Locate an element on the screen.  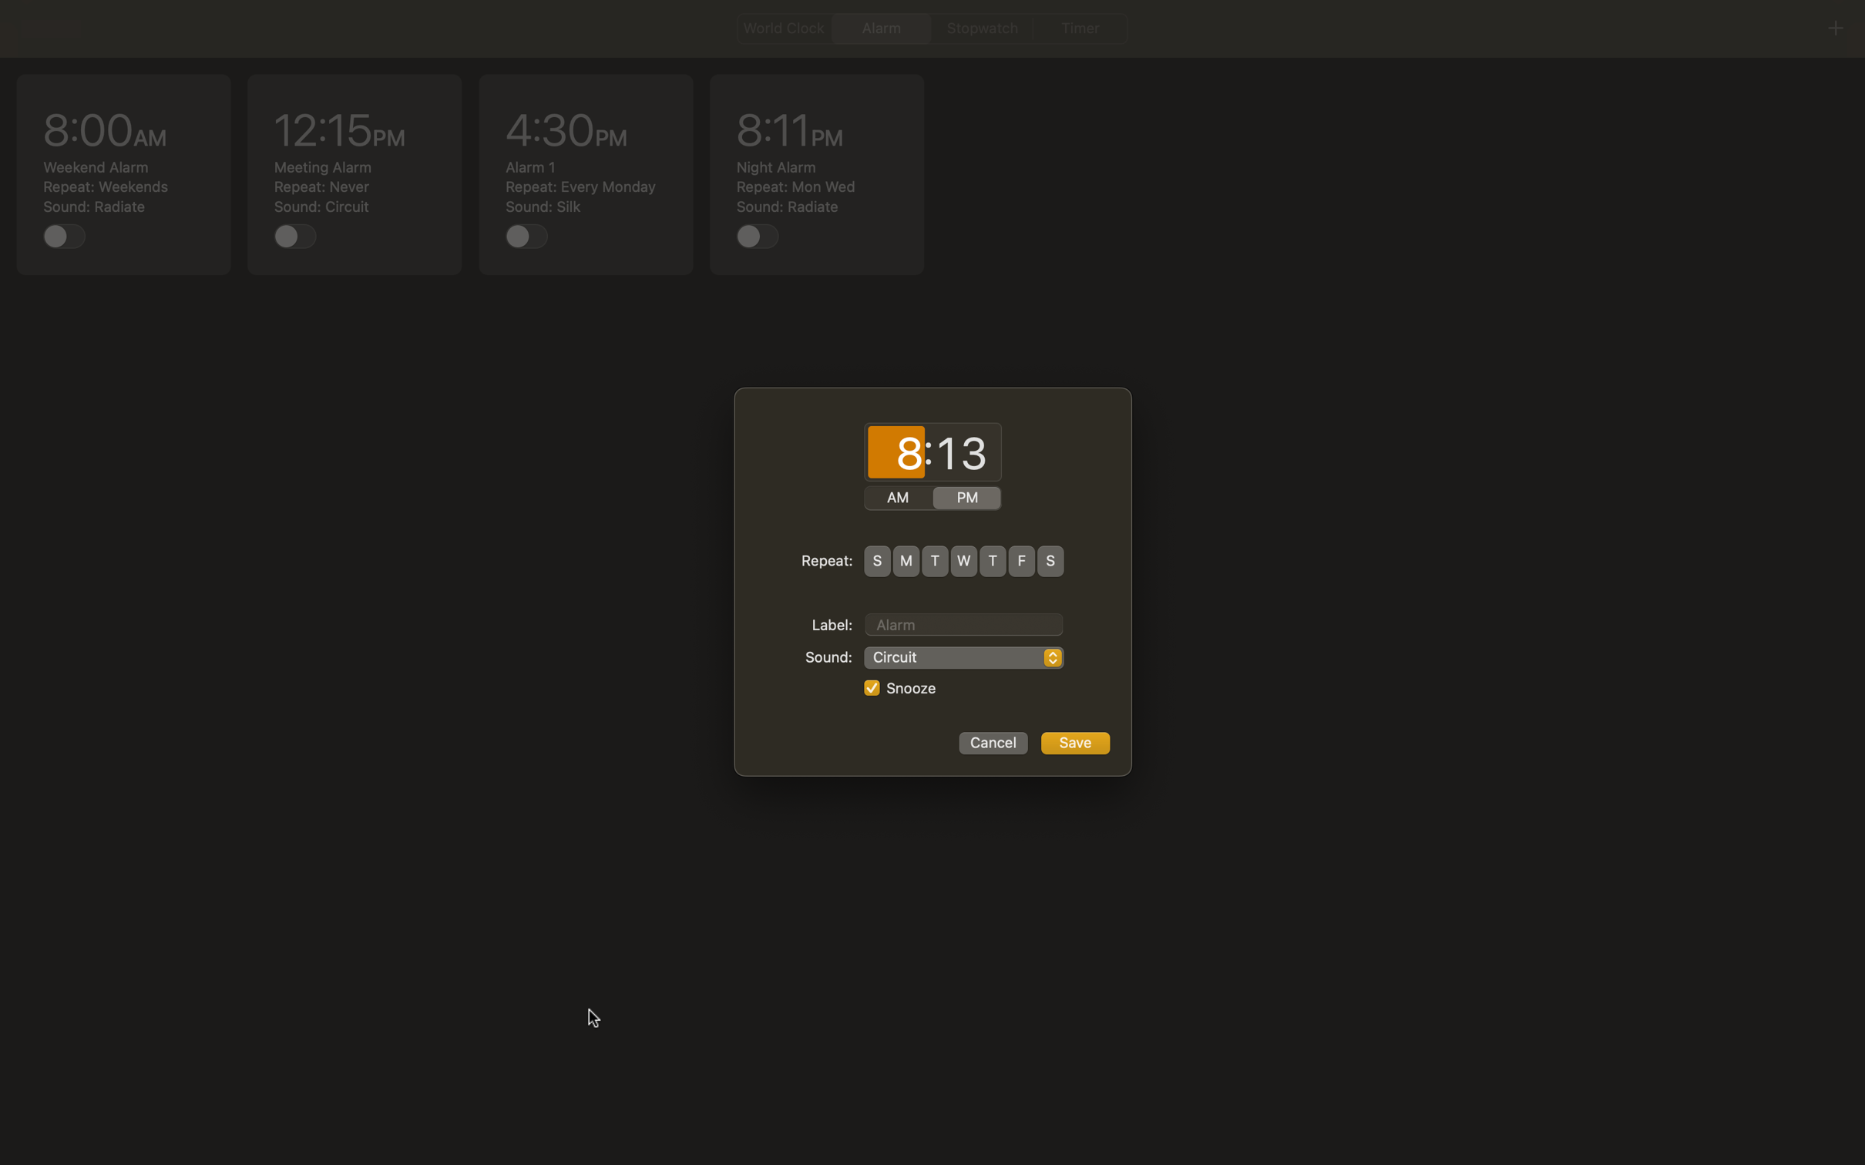
hours as 2 and minutes as 00 is located at coordinates (896, 453).